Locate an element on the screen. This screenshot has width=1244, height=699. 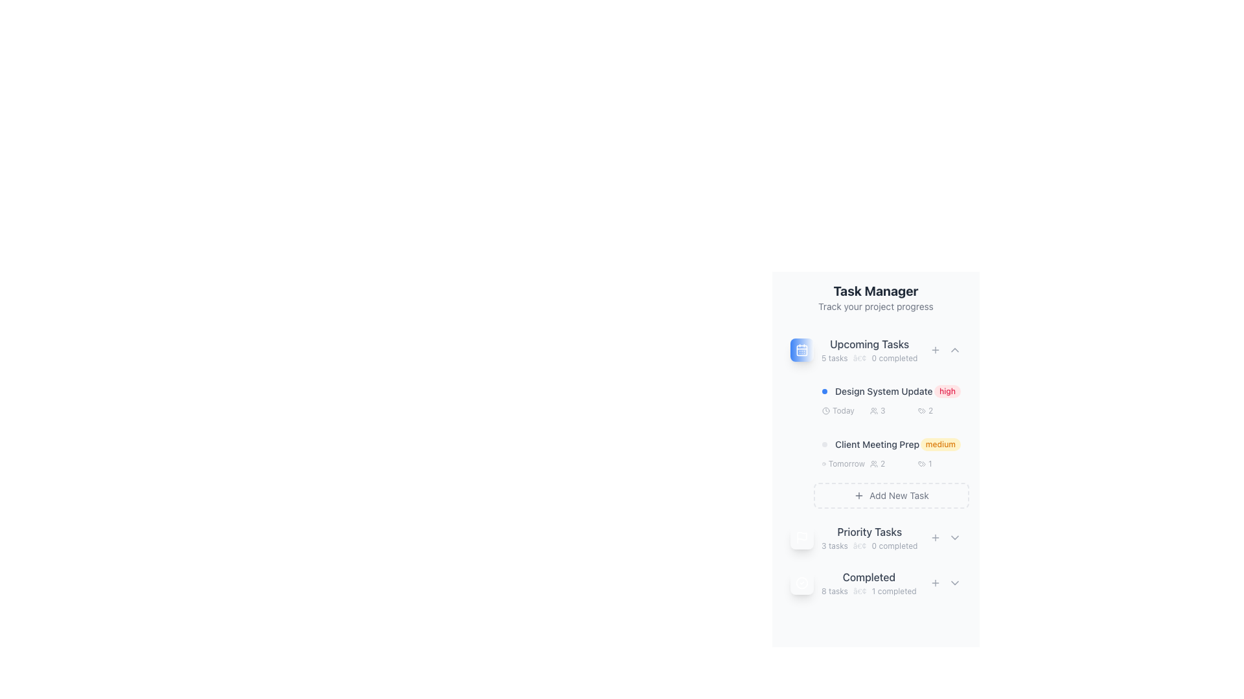
the Interactive List Header at the top of the task list group titled 'Task Manager' is located at coordinates (876, 349).